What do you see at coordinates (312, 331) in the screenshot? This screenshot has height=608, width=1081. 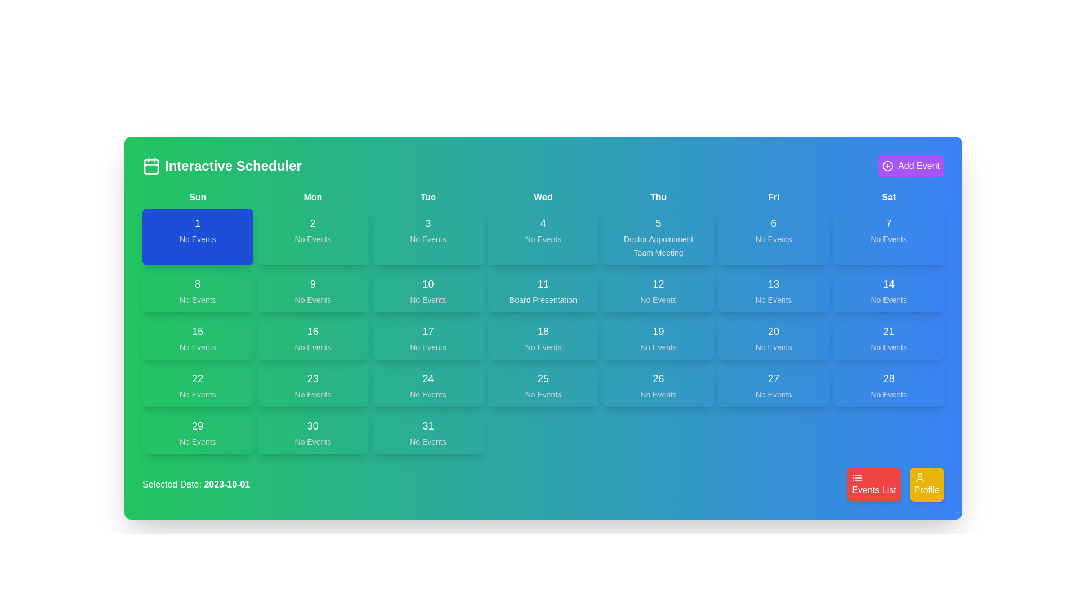 I see `the text label displaying the day number '16' in the calendar interface located in the third row and second column of the interactive scheduler` at bounding box center [312, 331].